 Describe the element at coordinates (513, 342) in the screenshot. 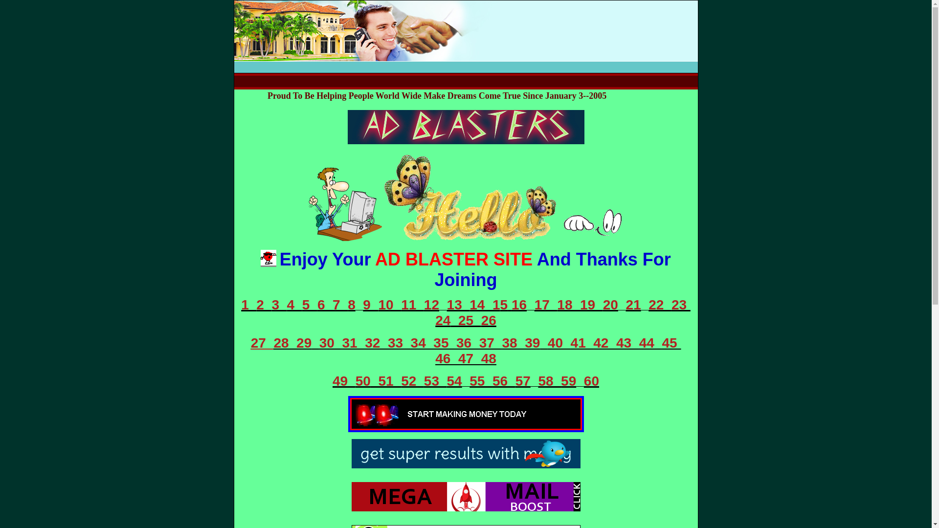

I see `'38 '` at that location.